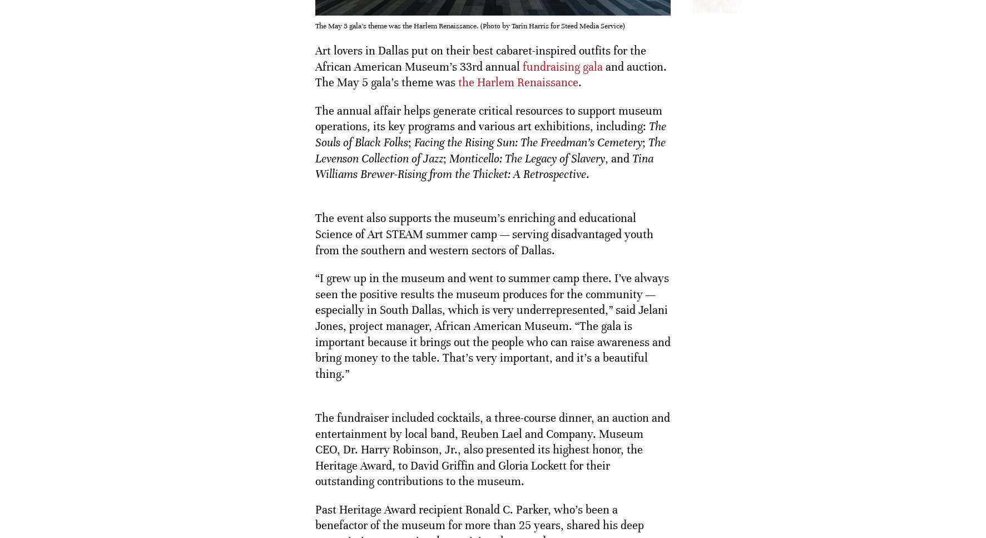  Describe the element at coordinates (605, 157) in the screenshot. I see `', and'` at that location.